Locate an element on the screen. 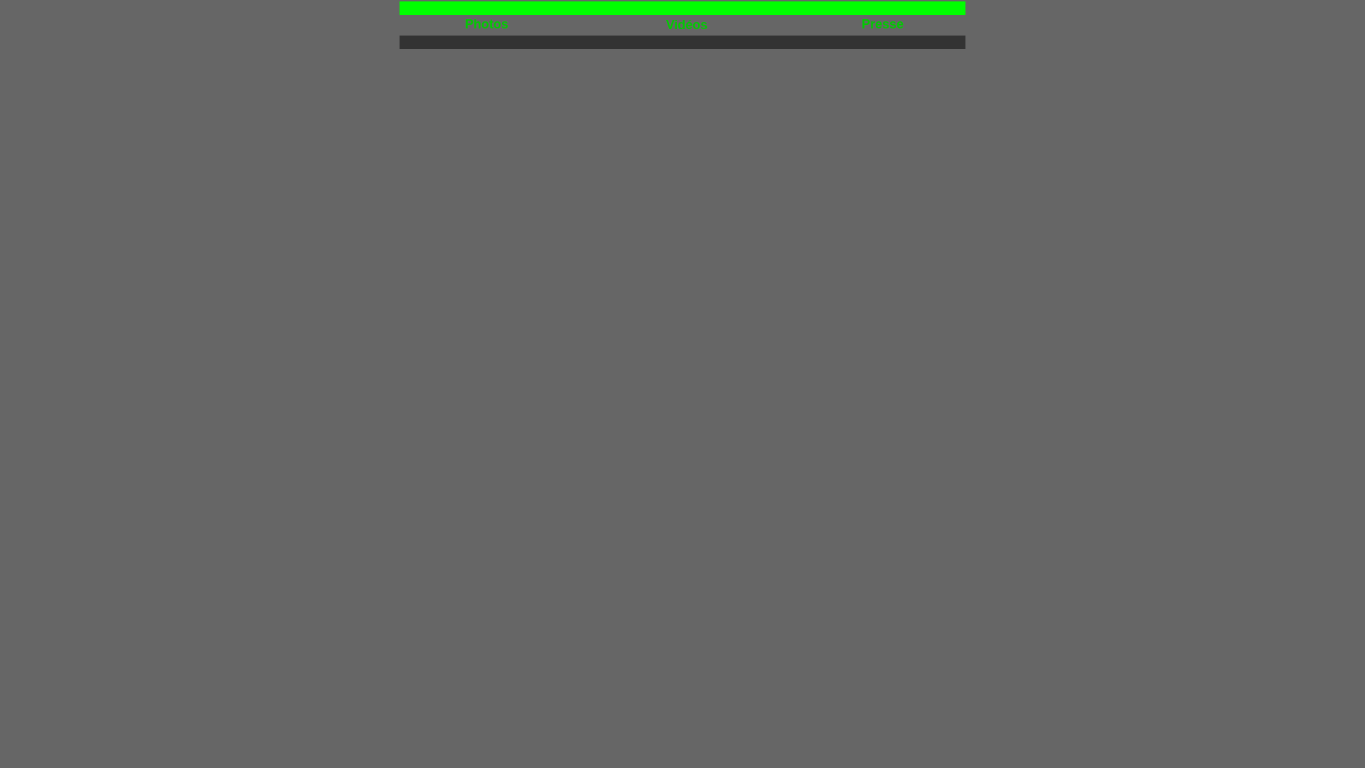 The width and height of the screenshot is (1365, 768). 'Photos' is located at coordinates (486, 24).